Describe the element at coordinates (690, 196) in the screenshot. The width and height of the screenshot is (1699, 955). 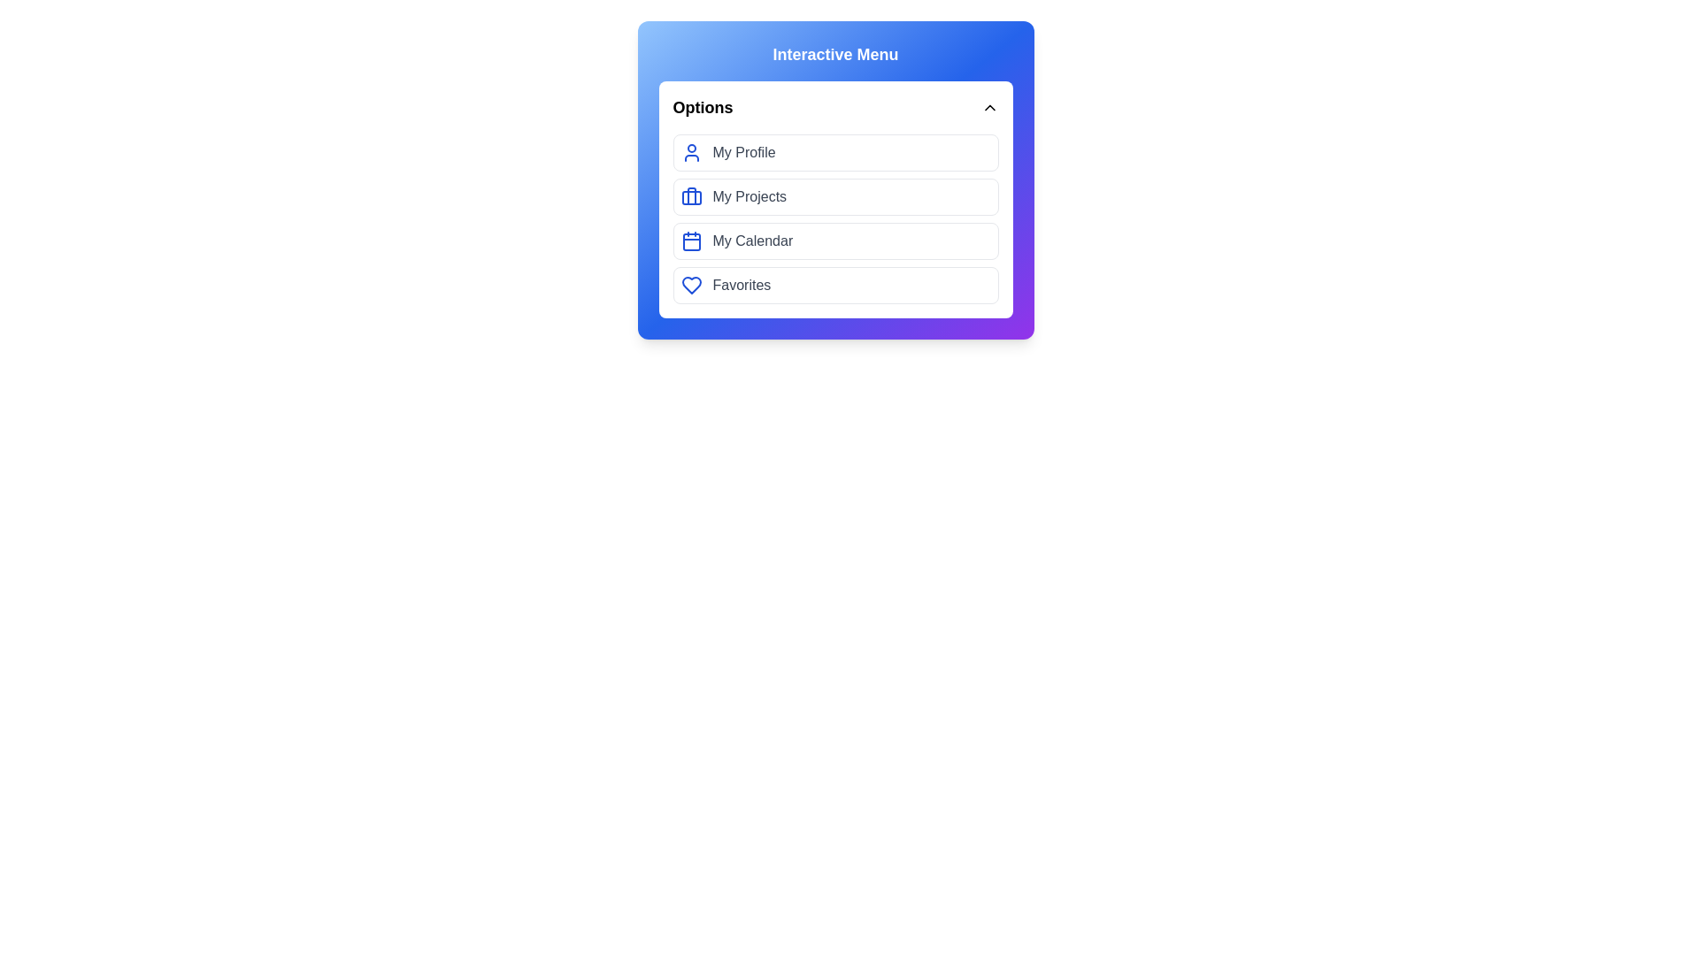
I see `the vertical line in the briefcase icon, which is part of the 'My Projects' menu option` at that location.